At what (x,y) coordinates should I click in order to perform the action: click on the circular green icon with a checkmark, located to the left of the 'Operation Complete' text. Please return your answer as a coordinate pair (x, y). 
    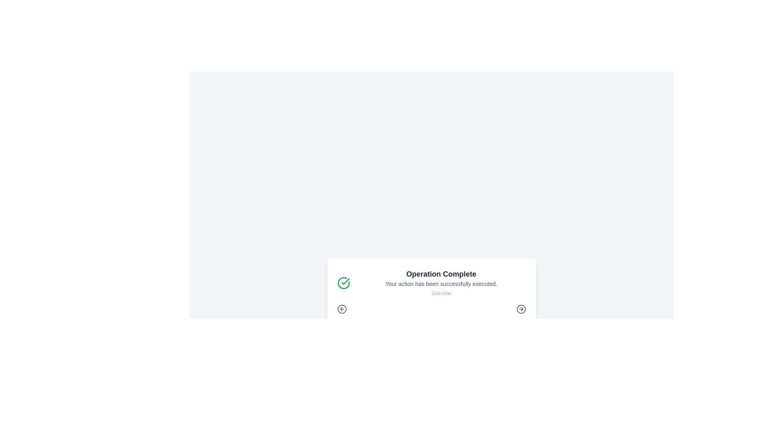
    Looking at the image, I should click on (343, 282).